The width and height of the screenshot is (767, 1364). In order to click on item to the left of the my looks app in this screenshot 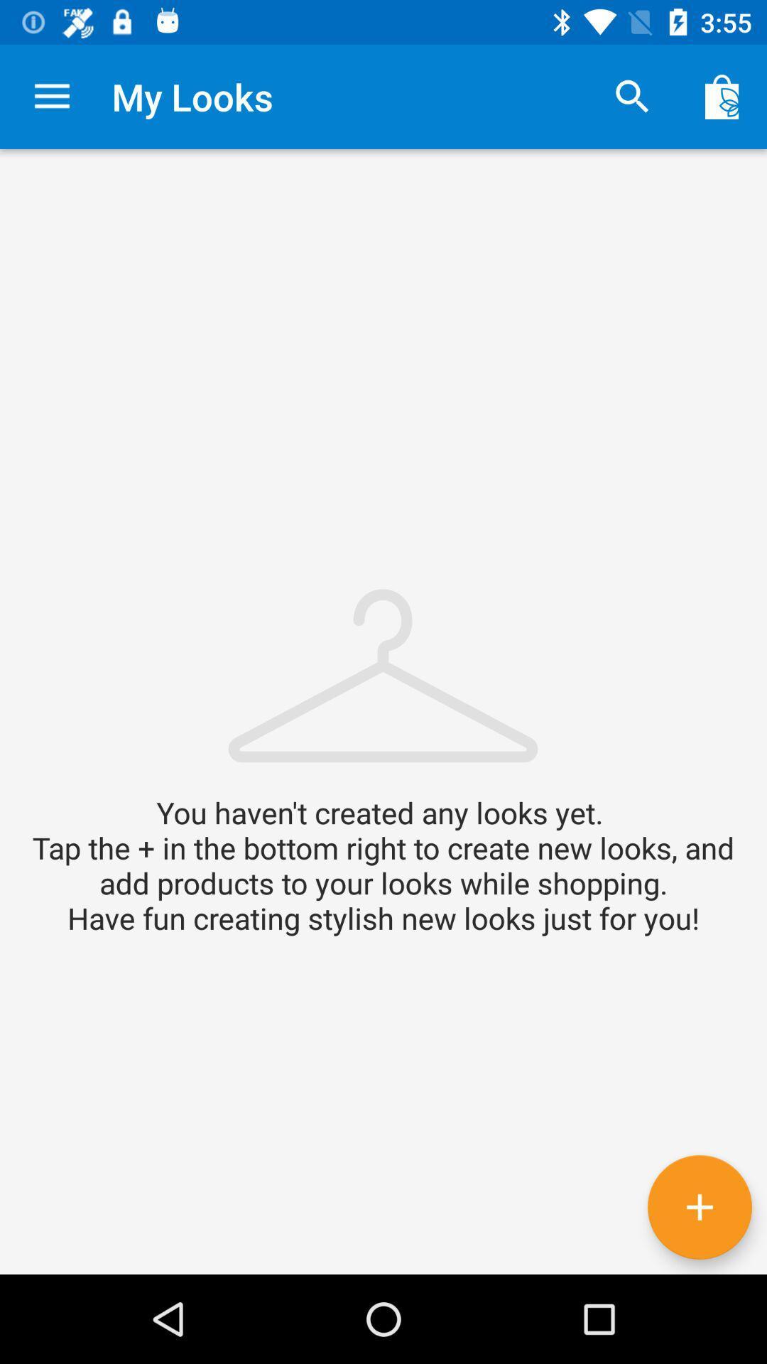, I will do `click(51, 96)`.